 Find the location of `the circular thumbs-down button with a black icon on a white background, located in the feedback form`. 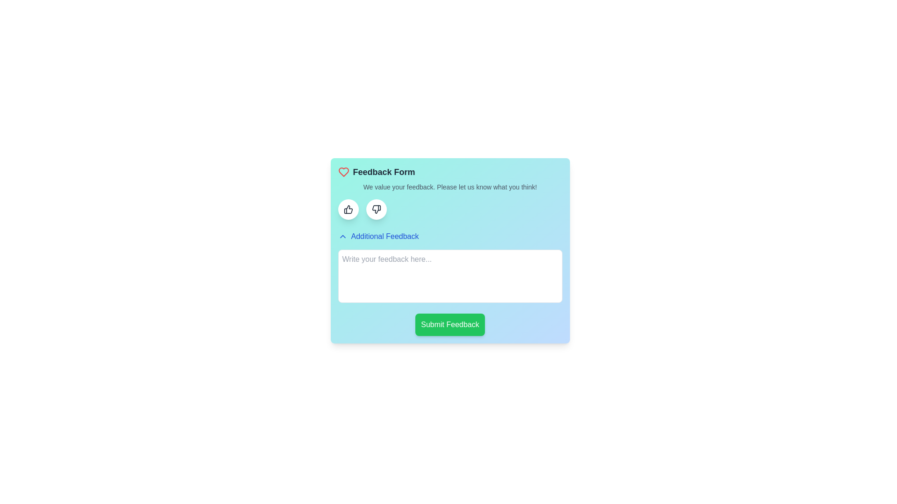

the circular thumbs-down button with a black icon on a white background, located in the feedback form is located at coordinates (376, 209).